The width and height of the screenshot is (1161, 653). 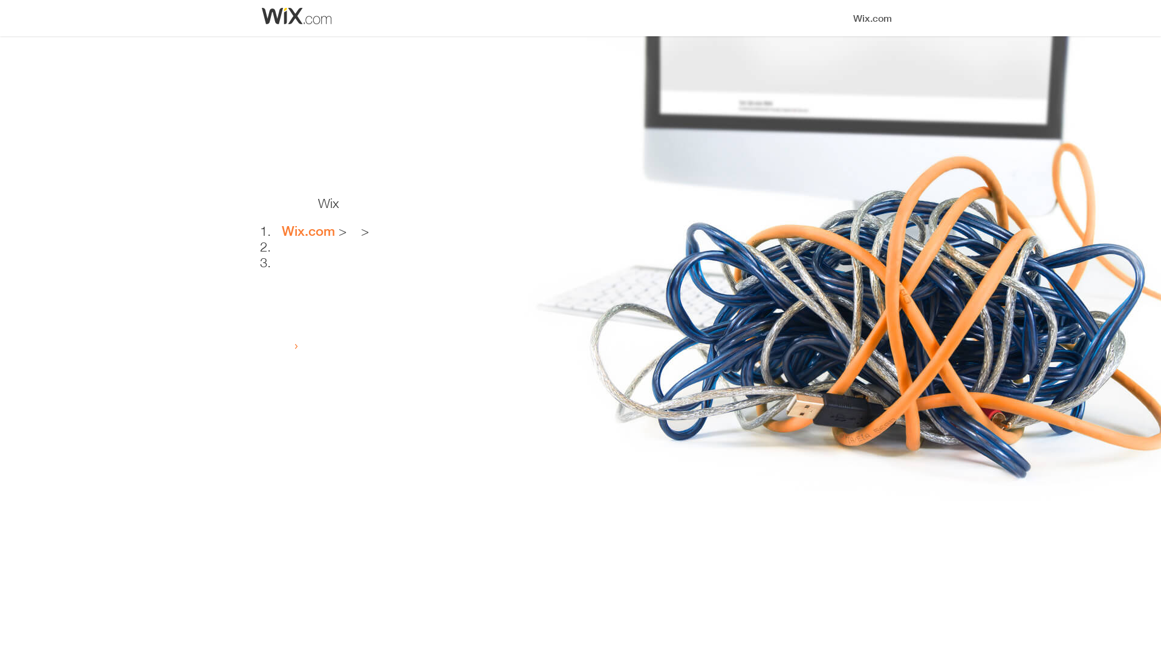 What do you see at coordinates (308, 230) in the screenshot?
I see `'Wix.com'` at bounding box center [308, 230].